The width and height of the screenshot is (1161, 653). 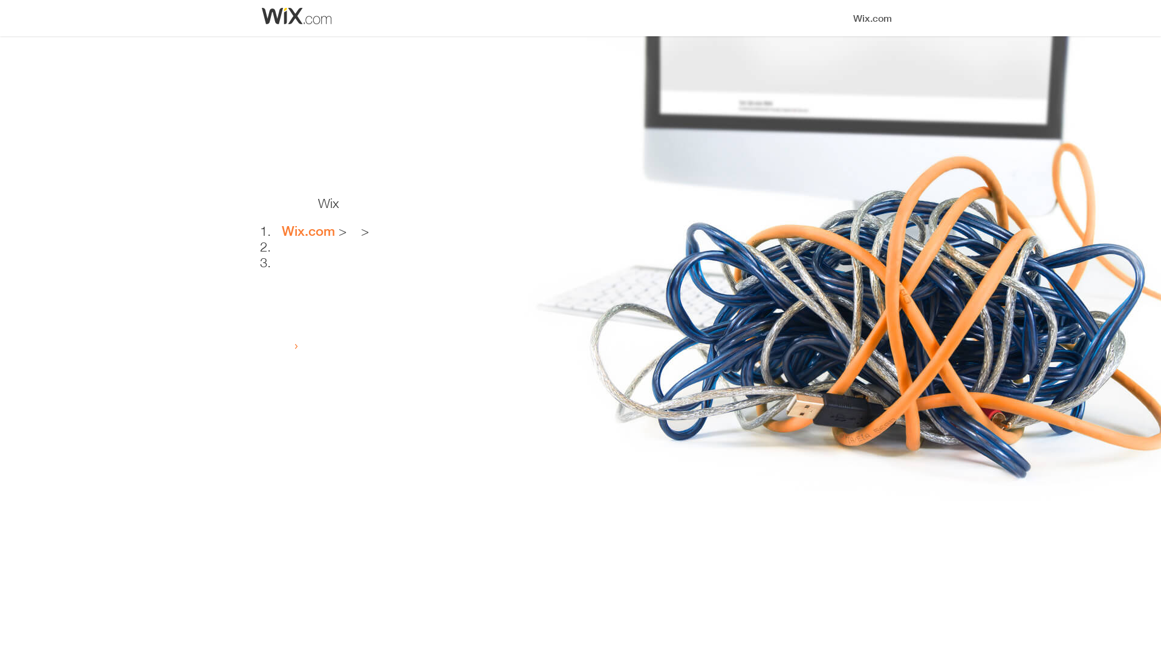 What do you see at coordinates (308, 230) in the screenshot?
I see `'Wix.com'` at bounding box center [308, 230].